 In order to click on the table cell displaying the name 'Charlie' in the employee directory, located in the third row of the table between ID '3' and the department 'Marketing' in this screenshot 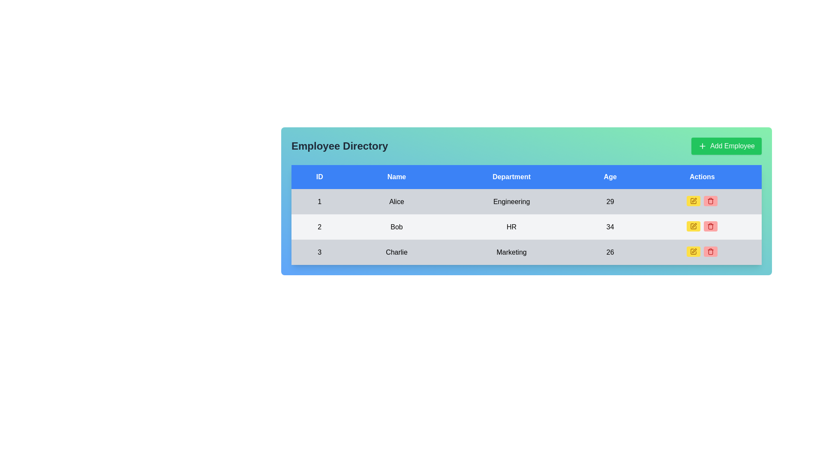, I will do `click(396, 252)`.